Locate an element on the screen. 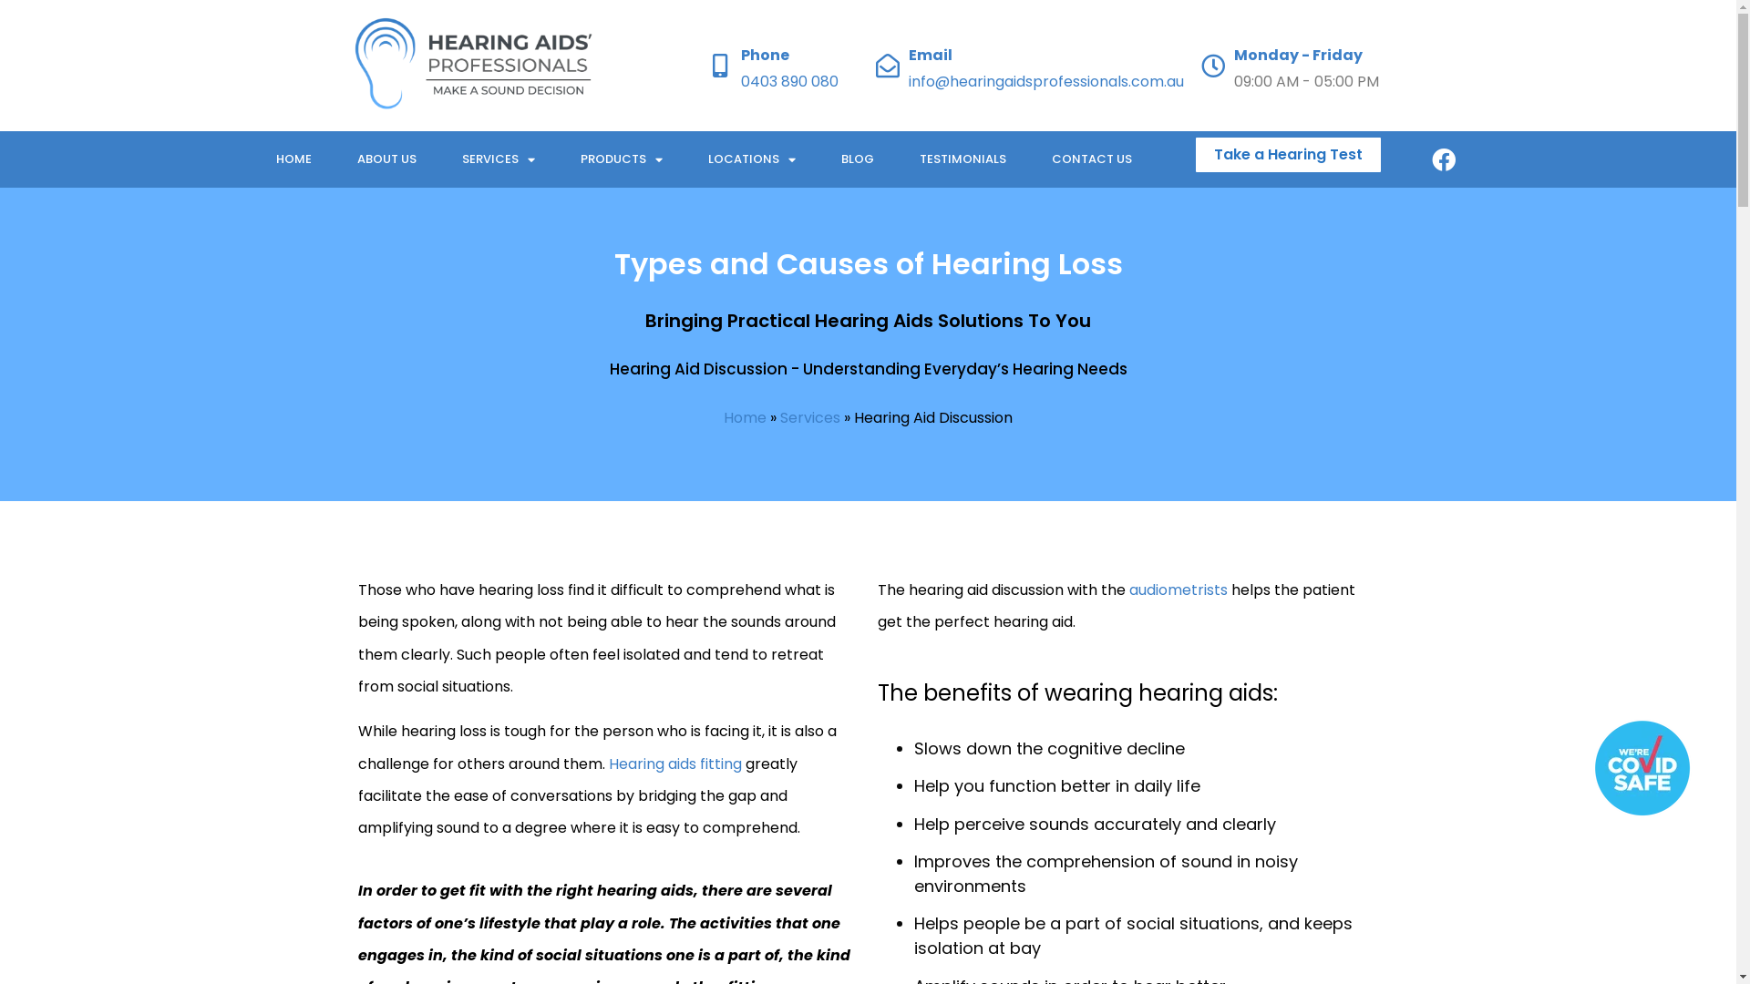 The width and height of the screenshot is (1750, 984). 'Services' is located at coordinates (808, 417).